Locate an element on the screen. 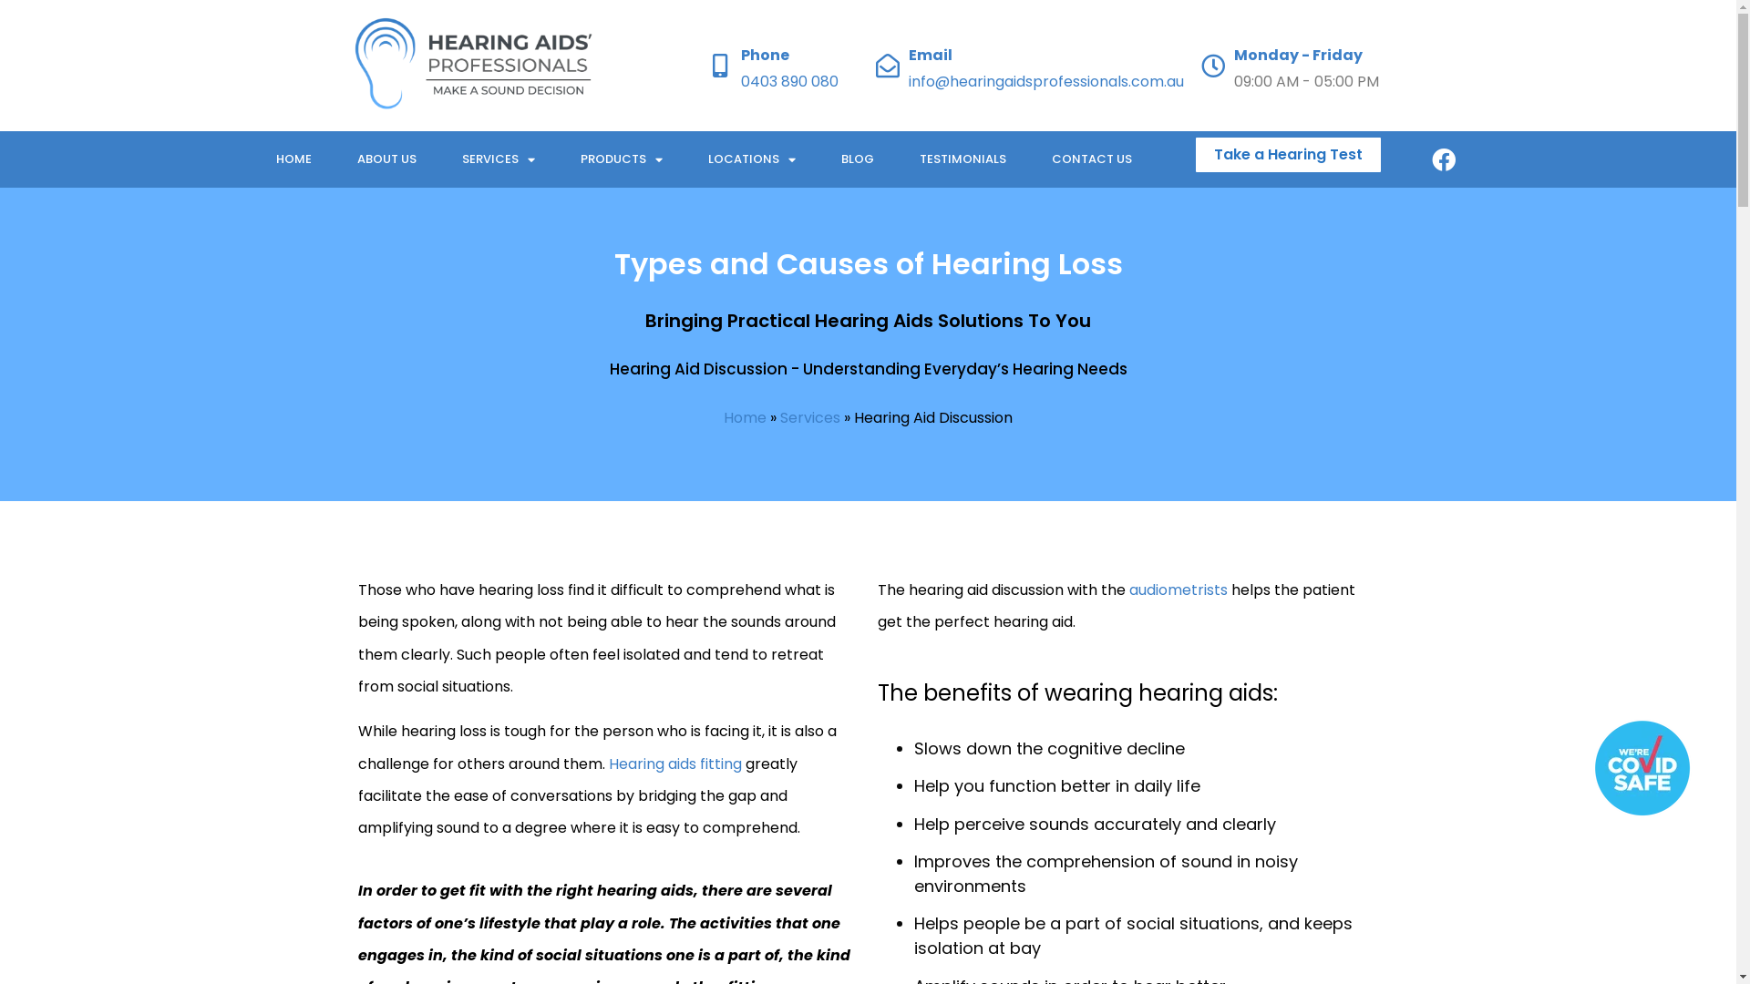 The width and height of the screenshot is (1750, 984). 'Services' is located at coordinates (808, 417).